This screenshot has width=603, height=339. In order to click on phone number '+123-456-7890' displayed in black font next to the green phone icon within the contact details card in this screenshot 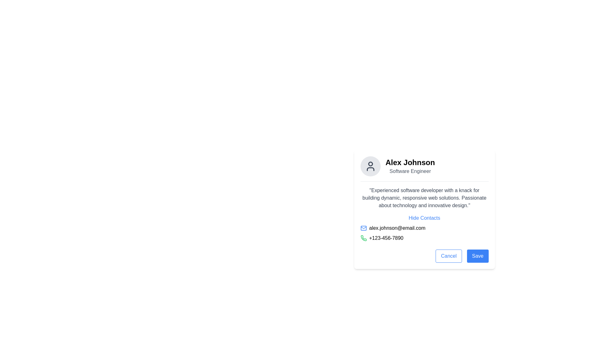, I will do `click(386, 238)`.